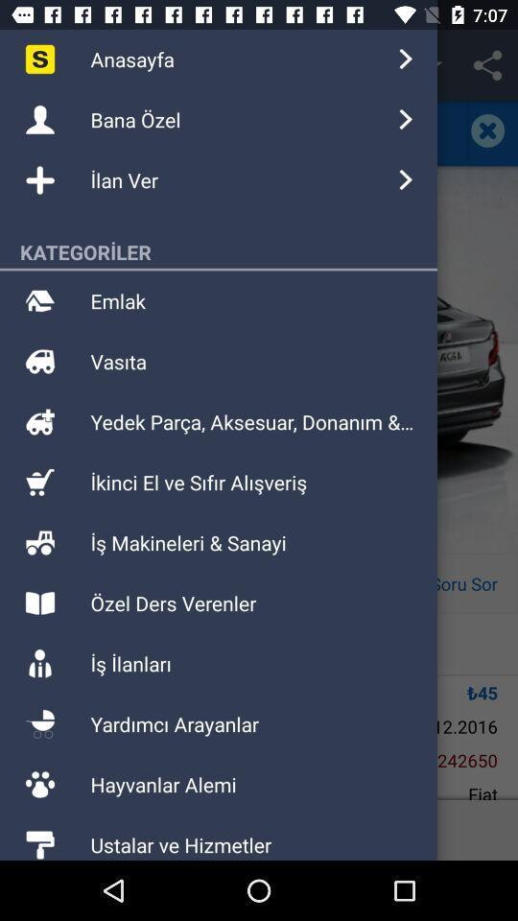  What do you see at coordinates (492, 130) in the screenshot?
I see `the close icon` at bounding box center [492, 130].